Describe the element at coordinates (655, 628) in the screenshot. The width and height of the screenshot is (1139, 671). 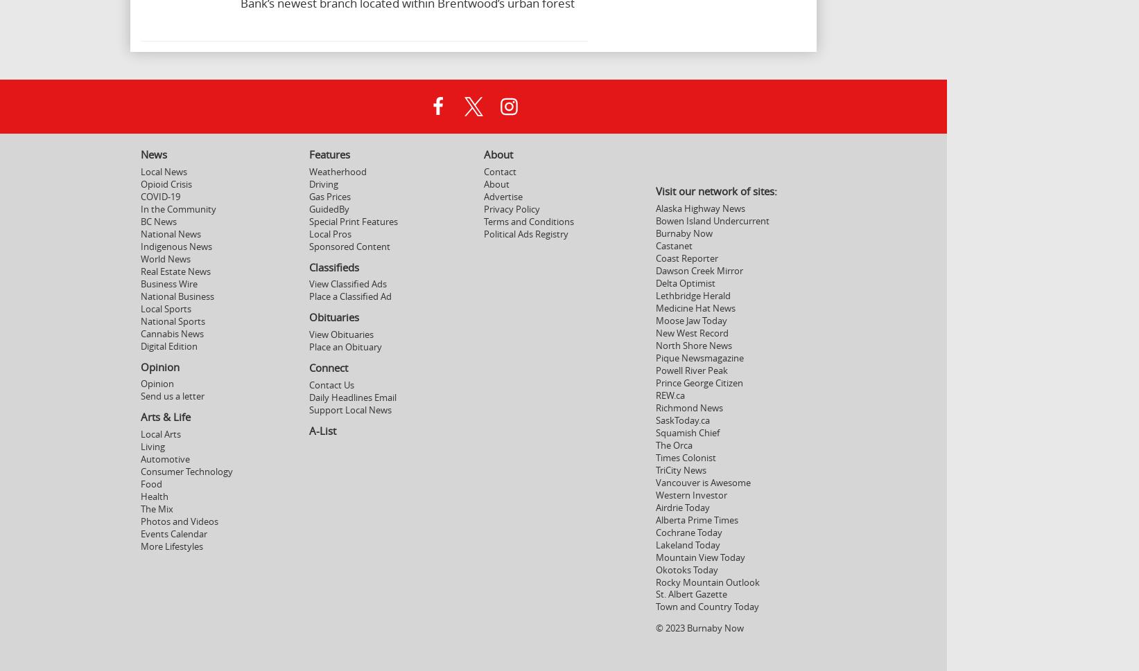
I see `'© 2023 Burnaby Now'` at that location.